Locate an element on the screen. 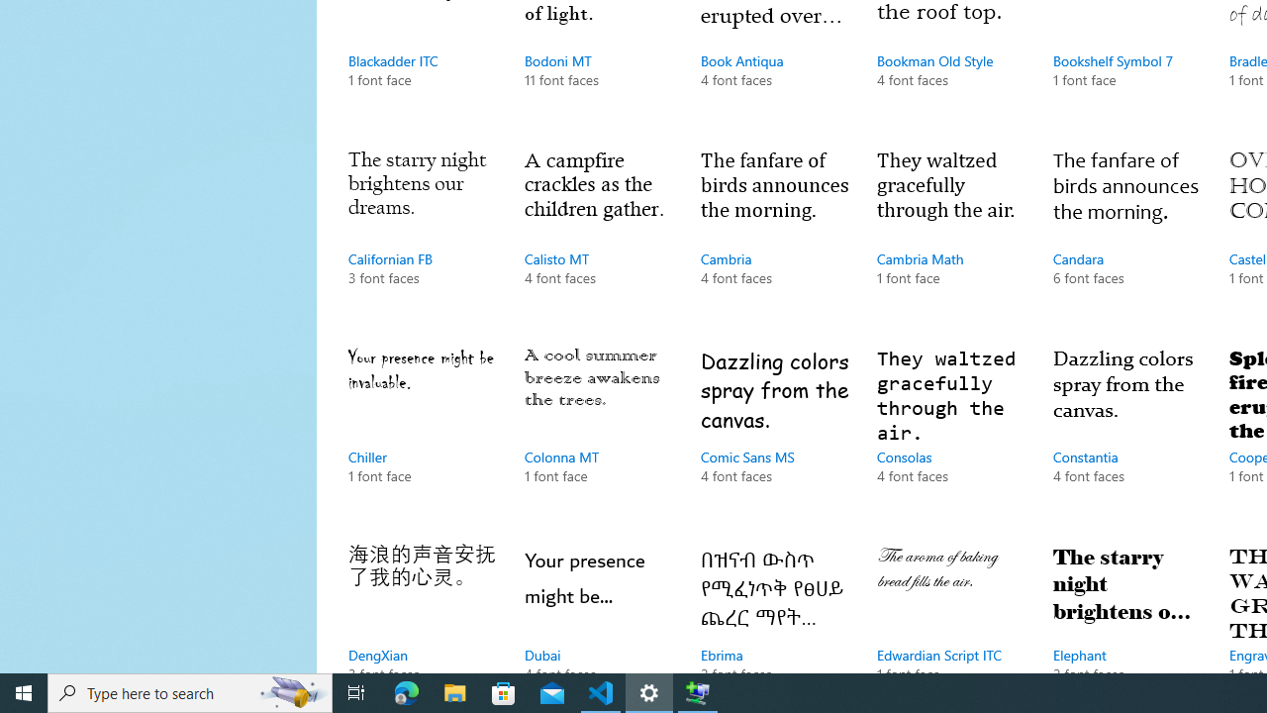 Image resolution: width=1267 pixels, height=713 pixels. 'Settings - 1 running window' is located at coordinates (649, 691).